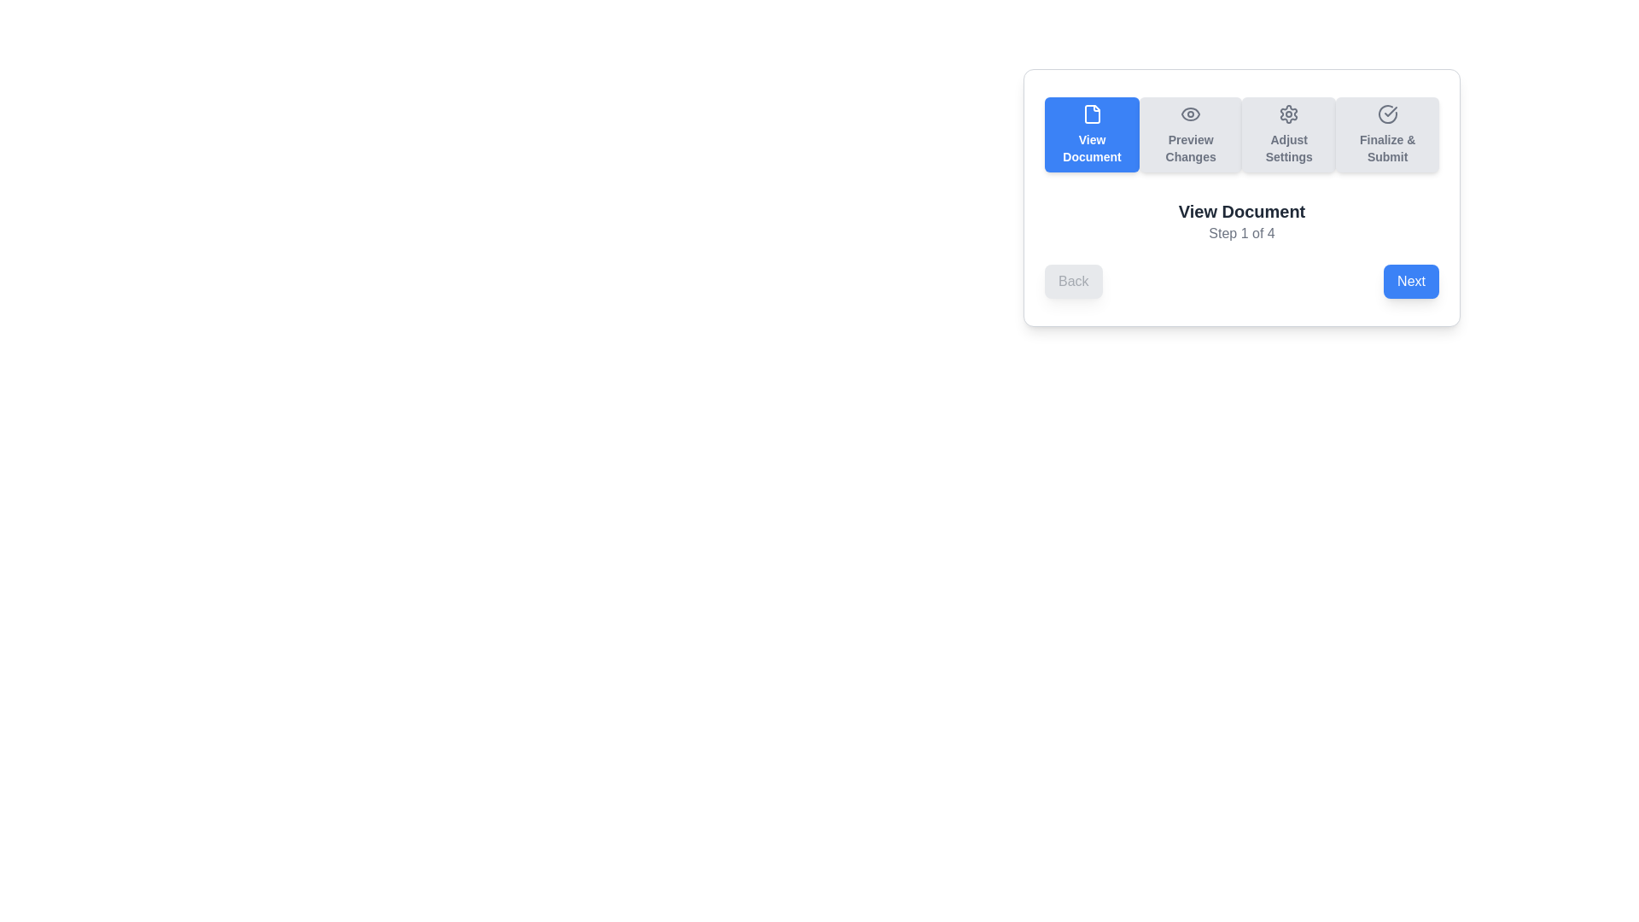 Image resolution: width=1639 pixels, height=922 pixels. I want to click on the button corresponding to View Document, so click(1091, 134).